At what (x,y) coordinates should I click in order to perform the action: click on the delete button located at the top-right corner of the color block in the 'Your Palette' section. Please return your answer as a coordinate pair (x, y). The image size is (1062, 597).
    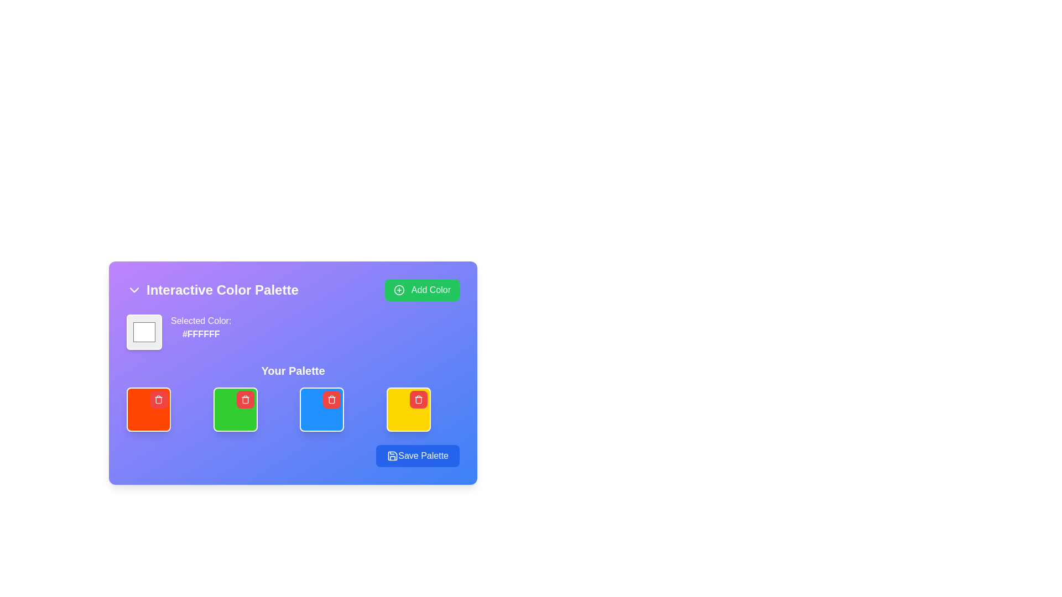
    Looking at the image, I should click on (158, 399).